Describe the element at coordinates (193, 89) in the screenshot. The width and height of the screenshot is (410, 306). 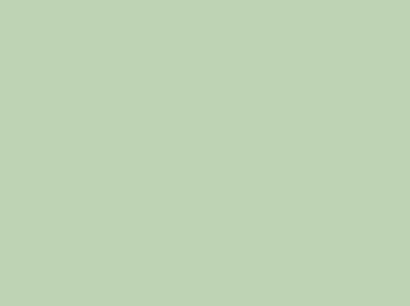
I see `'40th. Andrew Hook'` at that location.